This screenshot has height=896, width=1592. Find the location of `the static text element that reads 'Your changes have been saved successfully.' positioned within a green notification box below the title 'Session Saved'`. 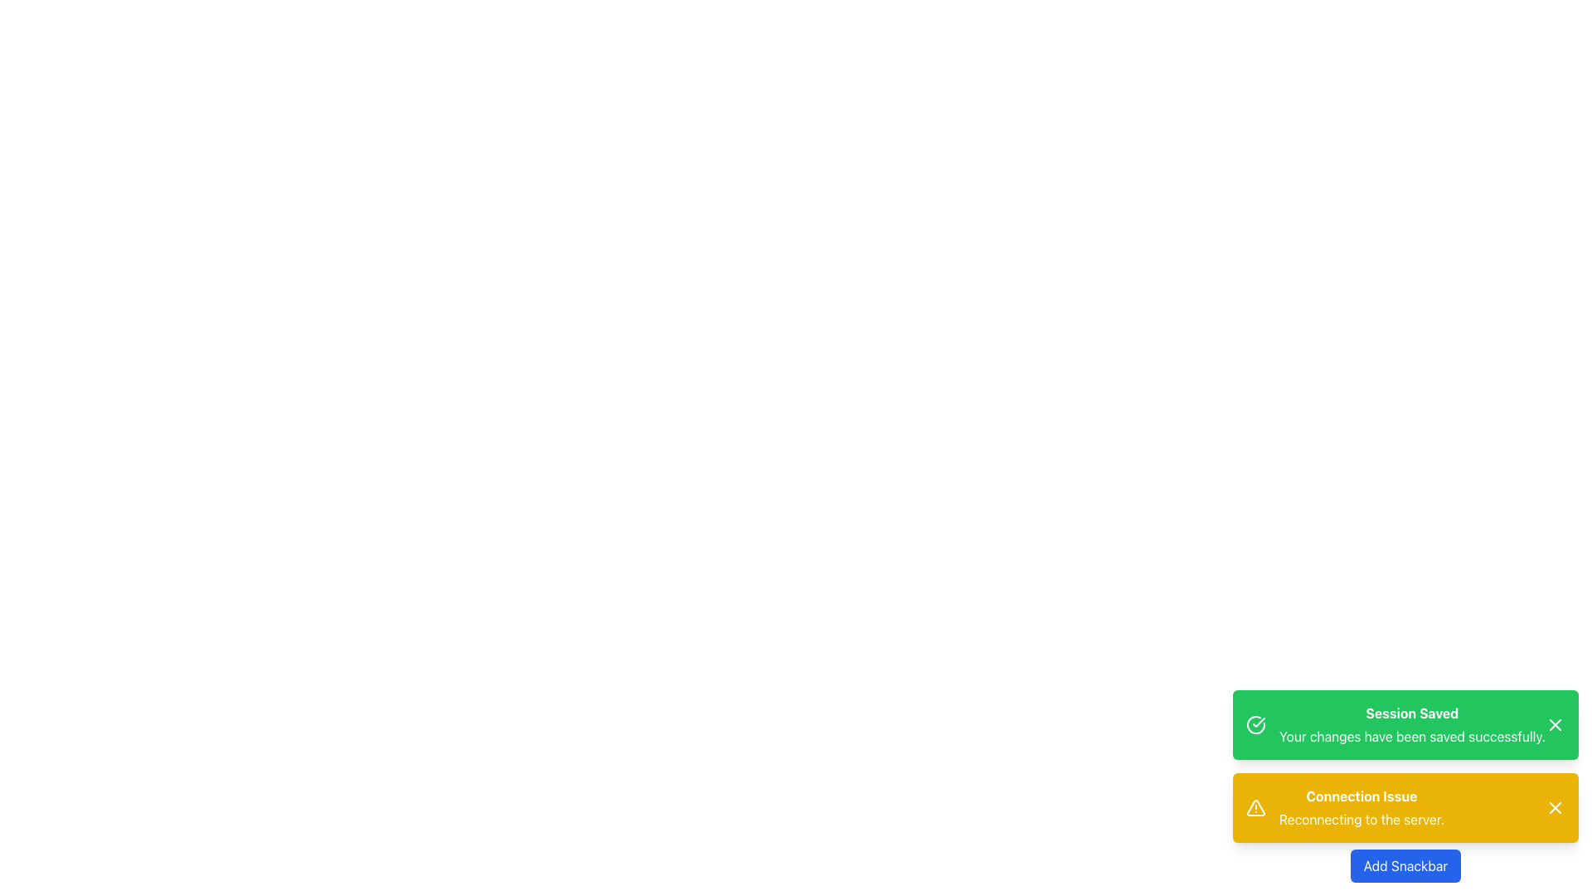

the static text element that reads 'Your changes have been saved successfully.' positioned within a green notification box below the title 'Session Saved' is located at coordinates (1411, 735).